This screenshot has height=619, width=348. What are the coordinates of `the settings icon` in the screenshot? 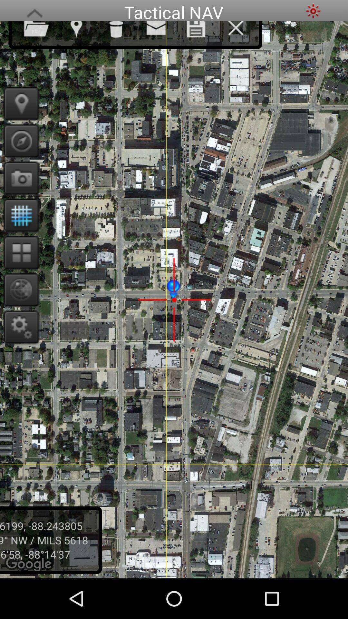 It's located at (313, 12).